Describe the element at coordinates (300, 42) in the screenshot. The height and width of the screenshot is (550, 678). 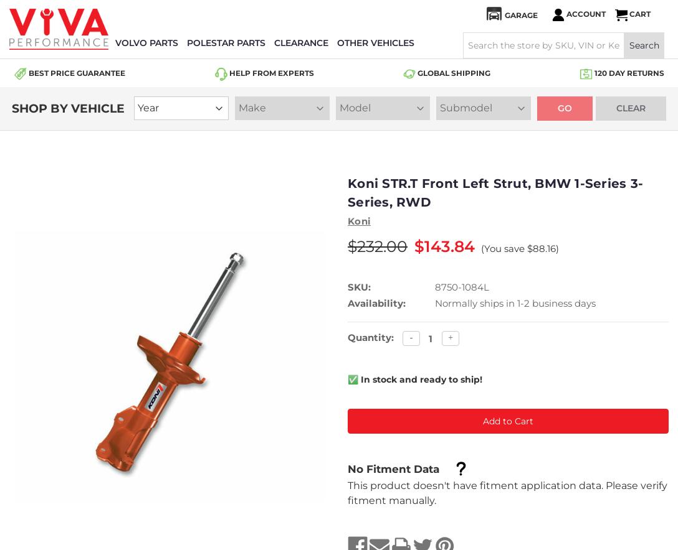
I see `'CLEARANCE'` at that location.